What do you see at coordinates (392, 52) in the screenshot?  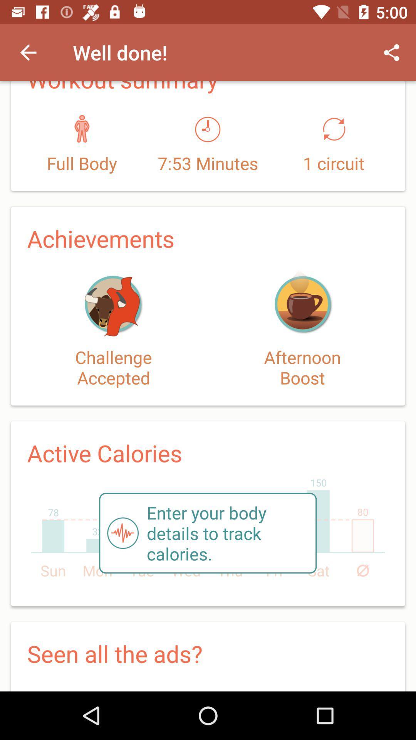 I see `the item above 1 circuit` at bounding box center [392, 52].